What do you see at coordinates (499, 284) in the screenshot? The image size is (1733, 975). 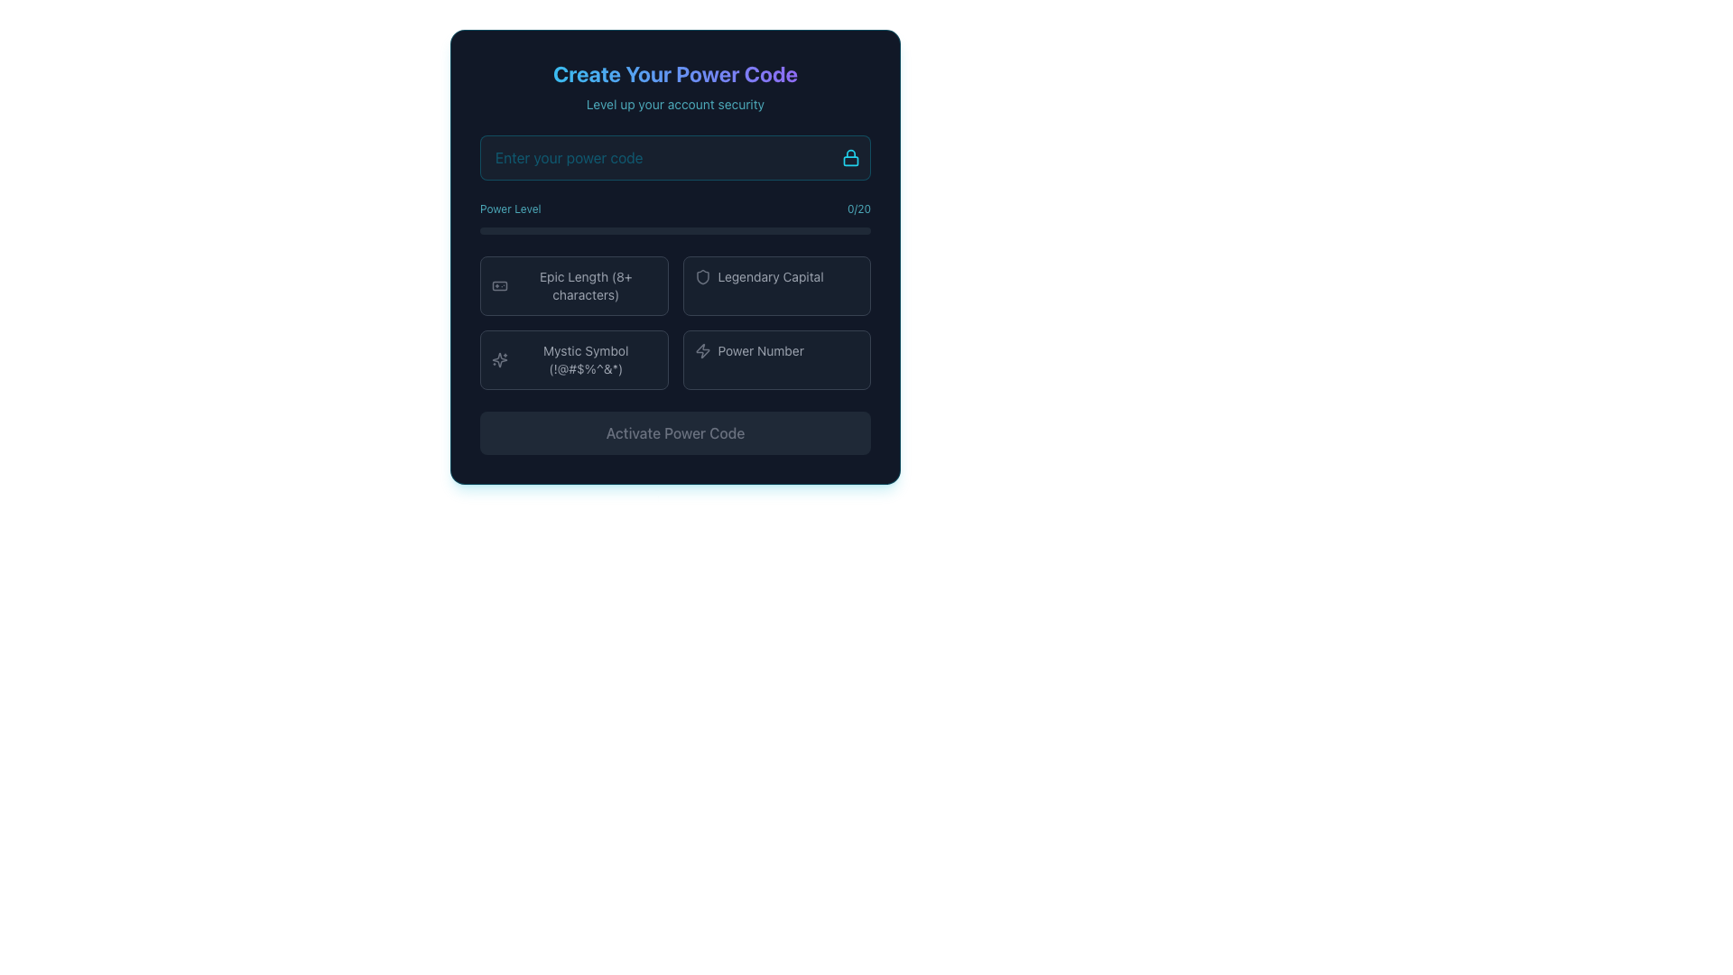 I see `the gamepad icon representing 'Epic Length' in the 'Power Level' section, which is the first icon in a row of descriptive elements` at bounding box center [499, 284].